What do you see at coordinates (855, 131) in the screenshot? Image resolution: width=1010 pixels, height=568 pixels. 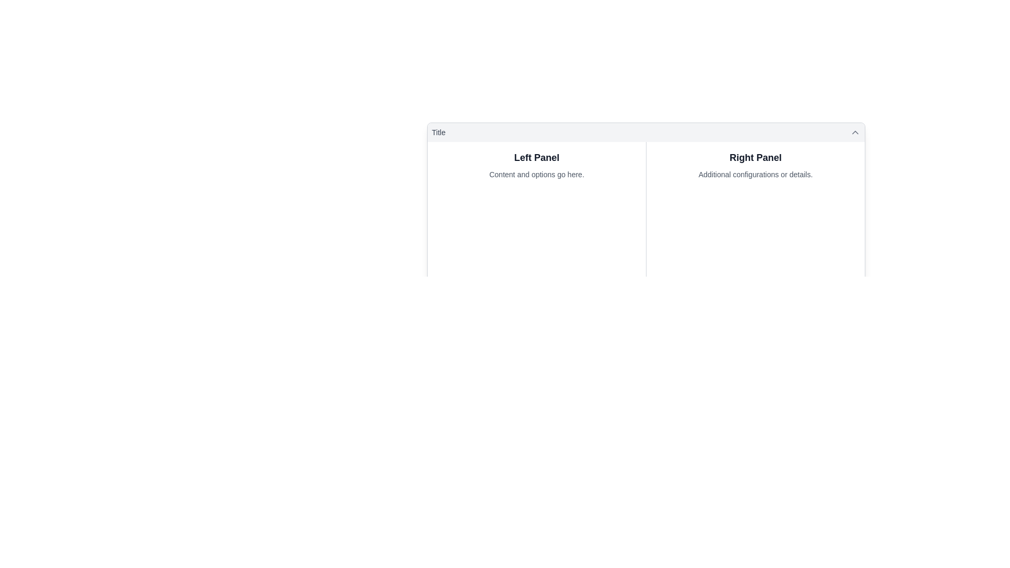 I see `the small chevron-shaped icon styled in gray located on the far right of the header section labeled 'Title'` at bounding box center [855, 131].